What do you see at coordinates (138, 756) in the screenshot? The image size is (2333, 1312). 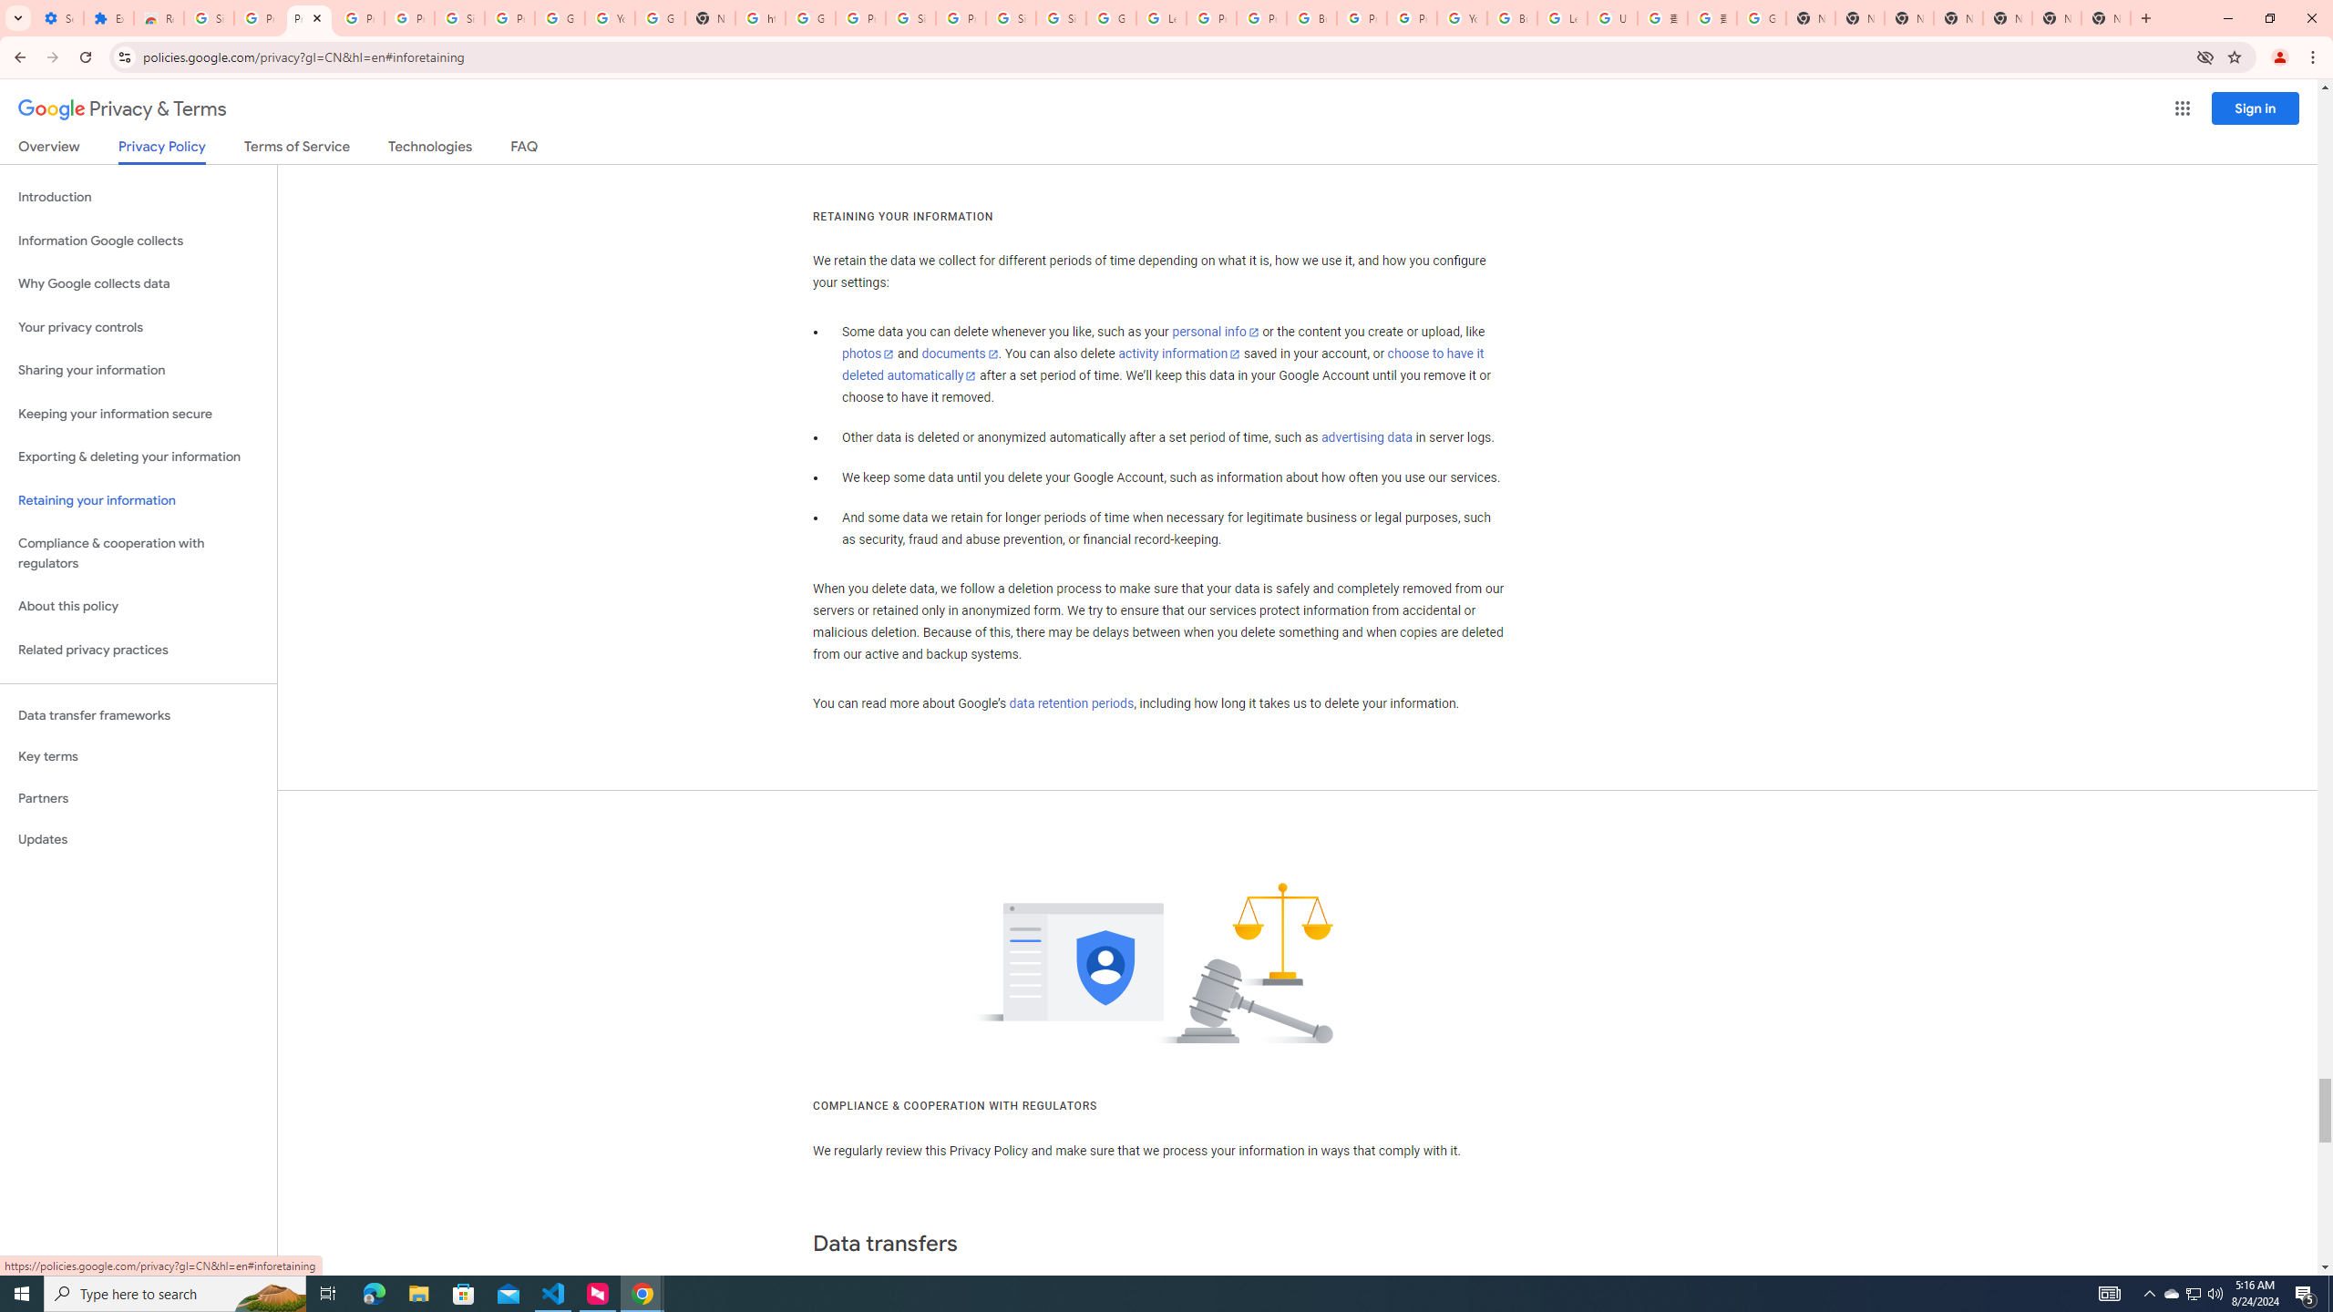 I see `'Key terms'` at bounding box center [138, 756].